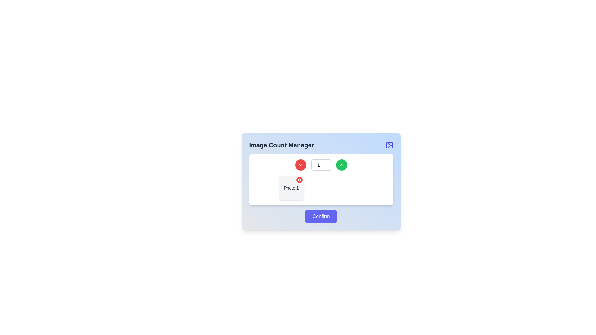 This screenshot has height=335, width=596. I want to click on the upward-pointing chevron icon, which is styled with a minimalist design and located on a green circular background, positioned to the right side of the central input field in the dialog interface, so click(341, 165).